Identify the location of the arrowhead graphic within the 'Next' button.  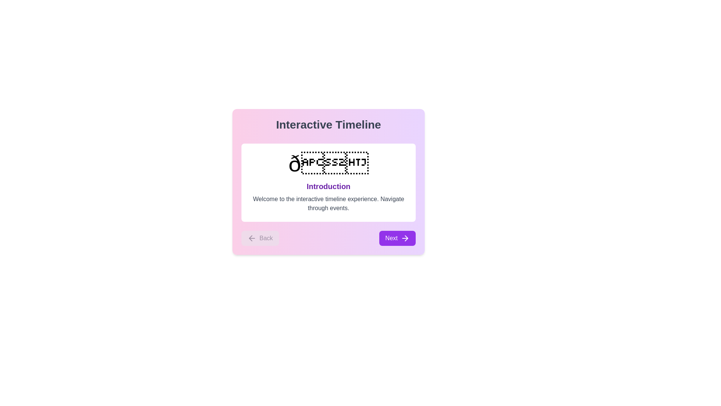
(406, 238).